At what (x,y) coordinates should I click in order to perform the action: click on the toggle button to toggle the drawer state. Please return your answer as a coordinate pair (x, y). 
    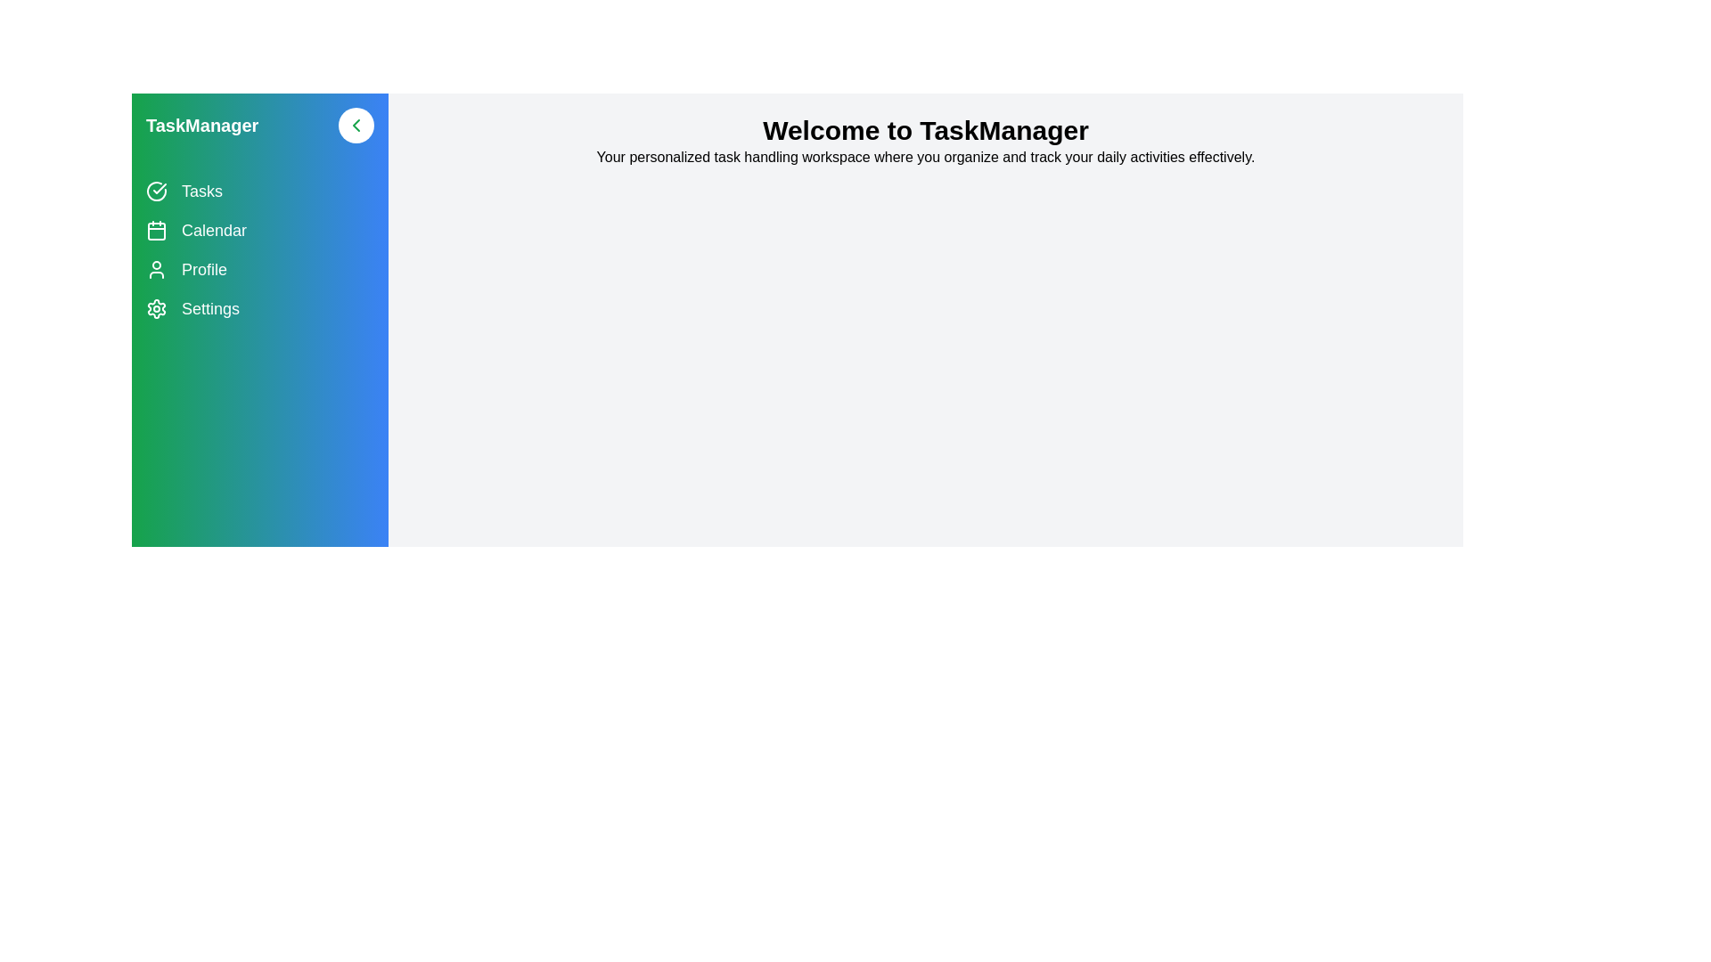
    Looking at the image, I should click on (356, 125).